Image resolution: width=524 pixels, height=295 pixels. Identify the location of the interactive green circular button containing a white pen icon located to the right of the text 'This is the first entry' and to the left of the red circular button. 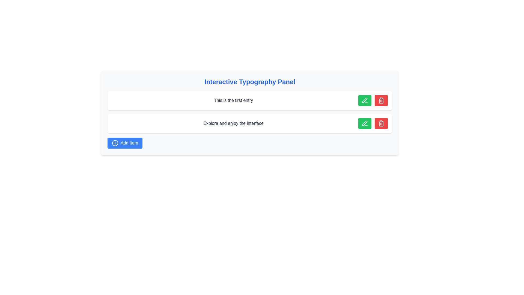
(365, 100).